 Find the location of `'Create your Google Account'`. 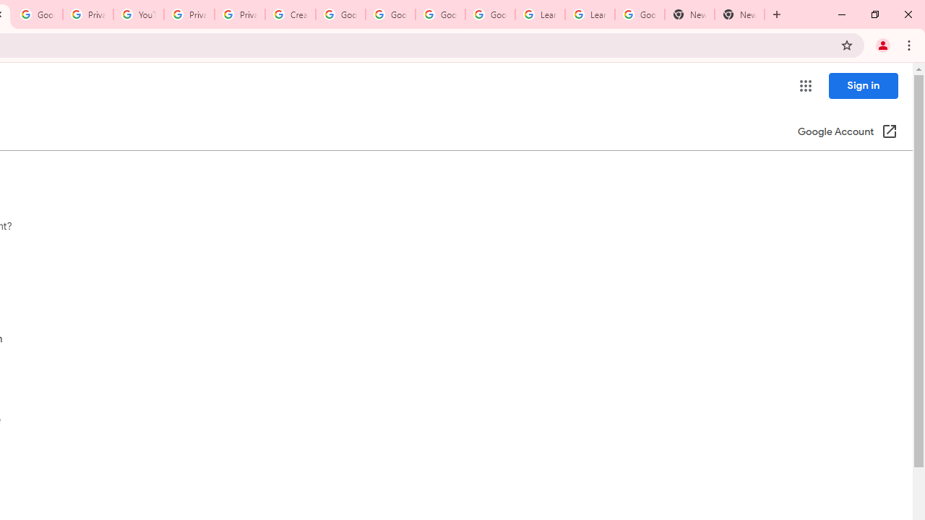

'Create your Google Account' is located at coordinates (289, 14).